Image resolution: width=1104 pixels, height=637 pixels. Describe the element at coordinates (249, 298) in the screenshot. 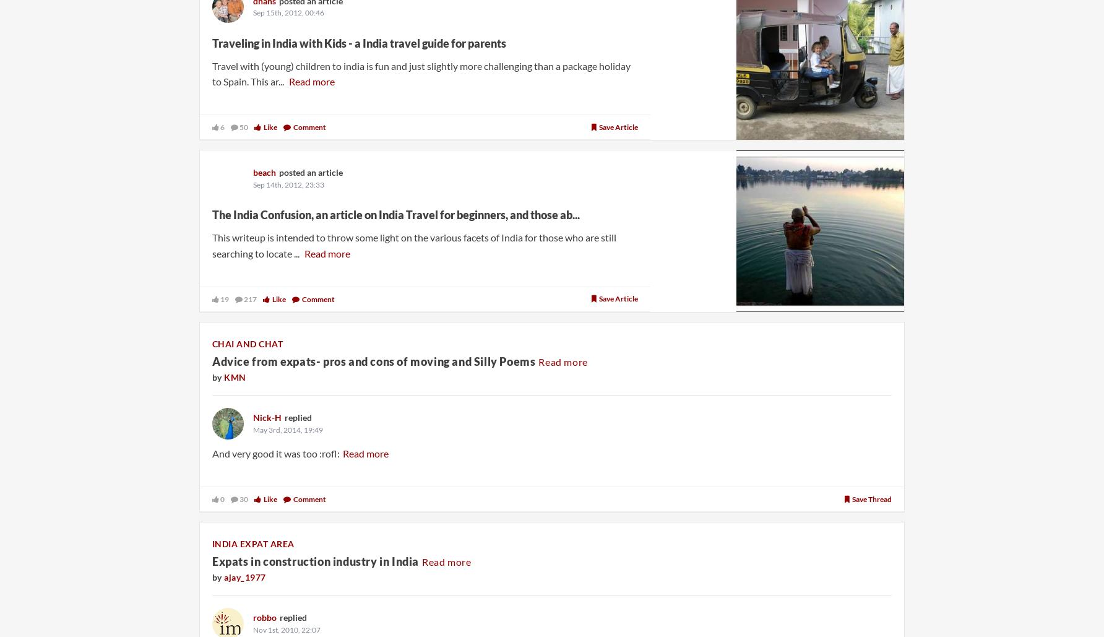

I see `'217'` at that location.